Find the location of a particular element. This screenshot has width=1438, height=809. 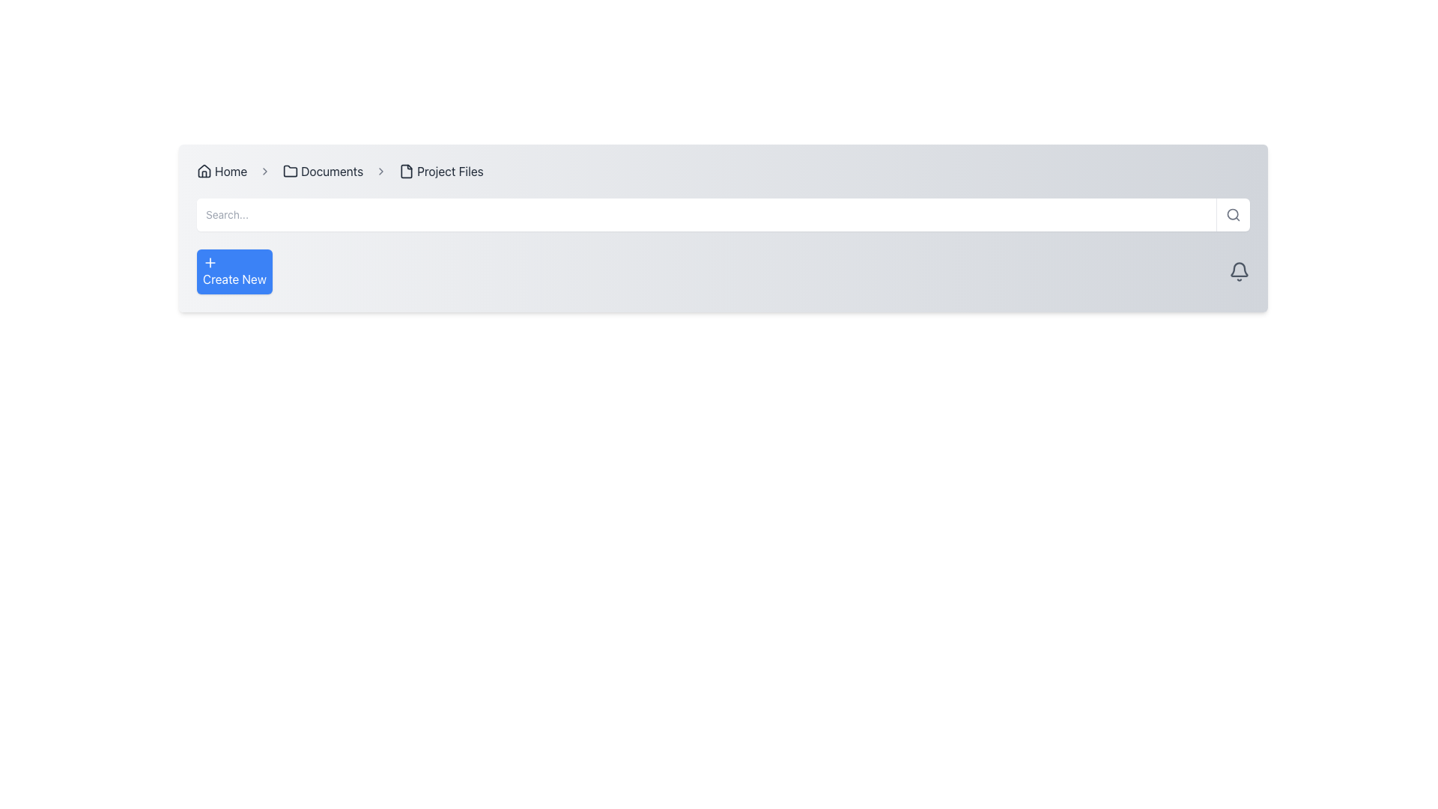

the file icon representing the 'Project Files' section in the breadcrumb navigation bar, which is positioned immediately before the text 'Project Files' is located at coordinates (407, 170).